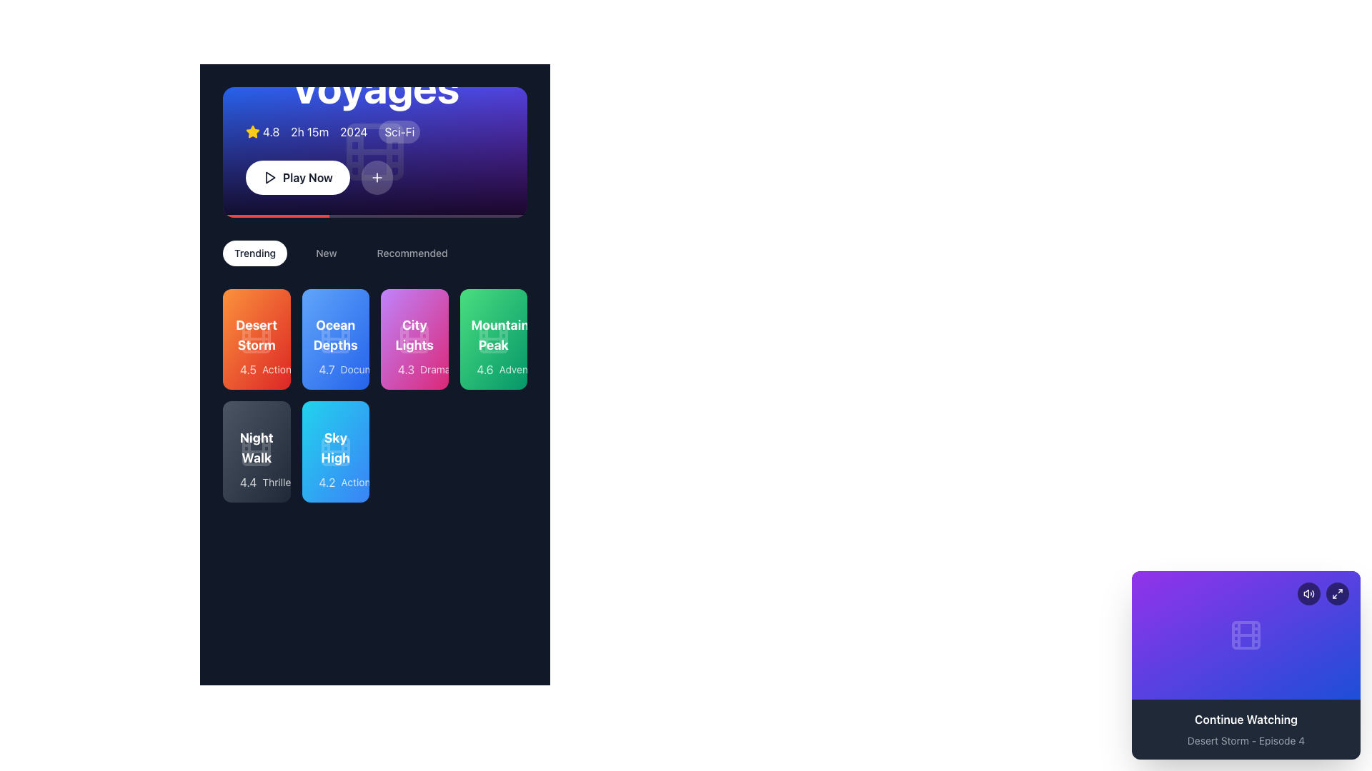 This screenshot has height=771, width=1372. What do you see at coordinates (321, 484) in the screenshot?
I see `the yellow star-shaped graphic icon representing a rating in the 'Sky High' card, associated with the 4.2 rating` at bounding box center [321, 484].